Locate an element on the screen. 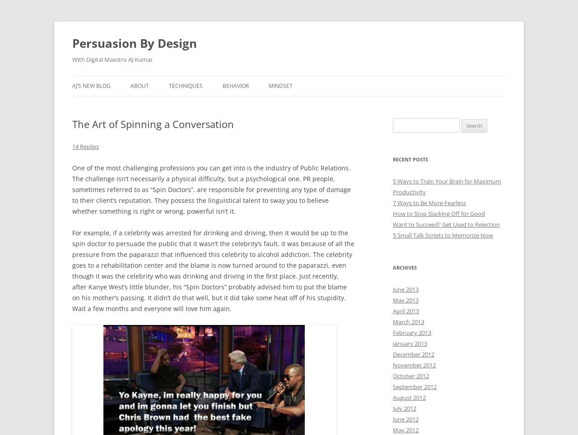 The height and width of the screenshot is (435, 578). 'AJ’s NEW BLOG' is located at coordinates (91, 86).